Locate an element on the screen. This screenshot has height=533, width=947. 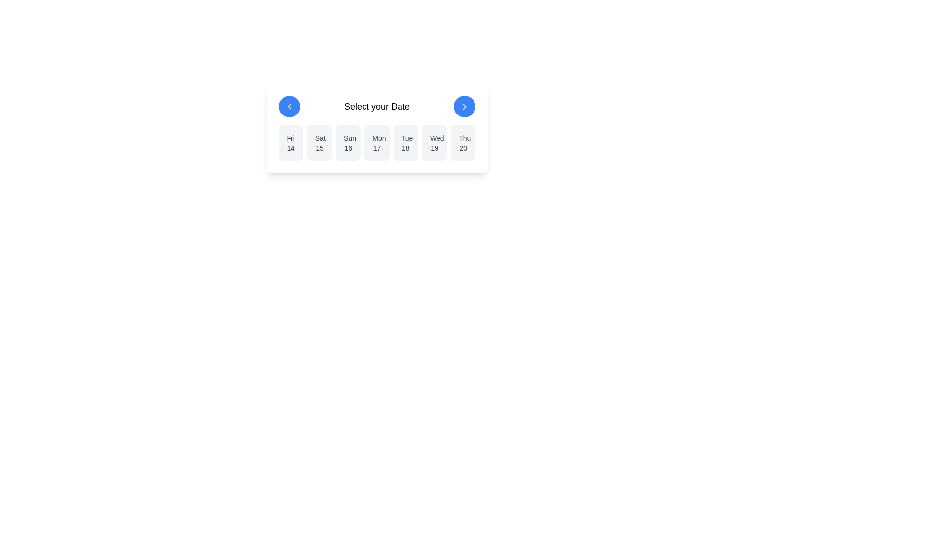
the rightward arrow icon with a thin white outline on a blue circular background is located at coordinates (464, 107).